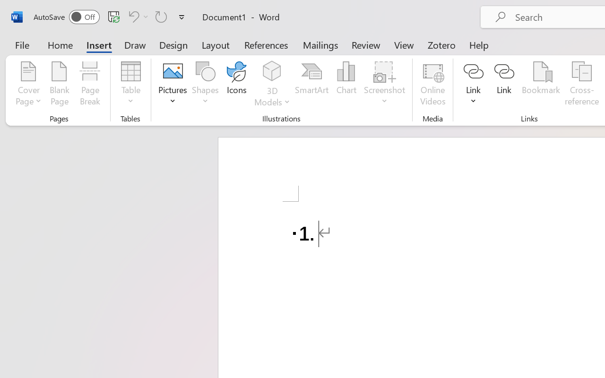  What do you see at coordinates (130, 85) in the screenshot?
I see `'Table'` at bounding box center [130, 85].